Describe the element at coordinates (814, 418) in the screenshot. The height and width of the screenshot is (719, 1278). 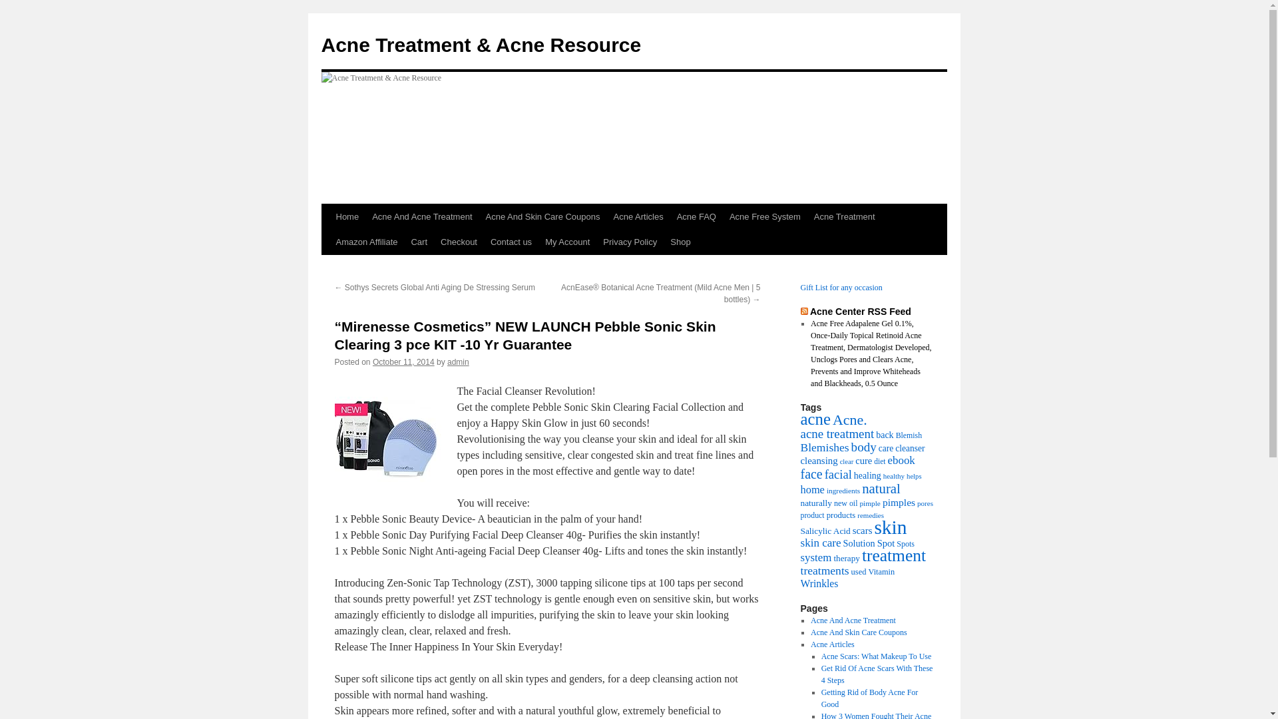
I see `'acne'` at that location.